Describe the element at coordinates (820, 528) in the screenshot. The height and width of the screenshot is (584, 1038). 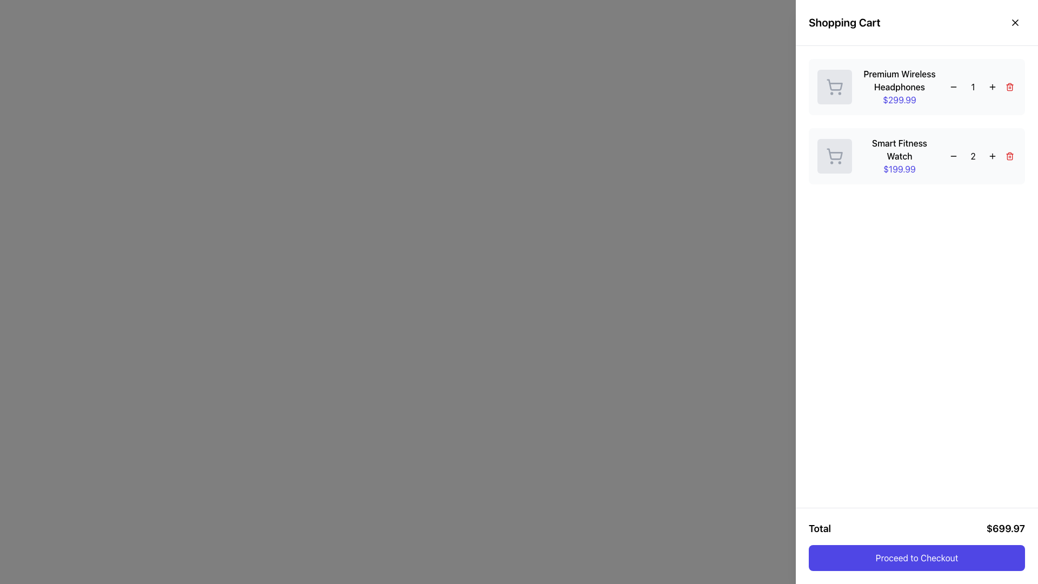
I see `the text label displaying 'Total'` at that location.